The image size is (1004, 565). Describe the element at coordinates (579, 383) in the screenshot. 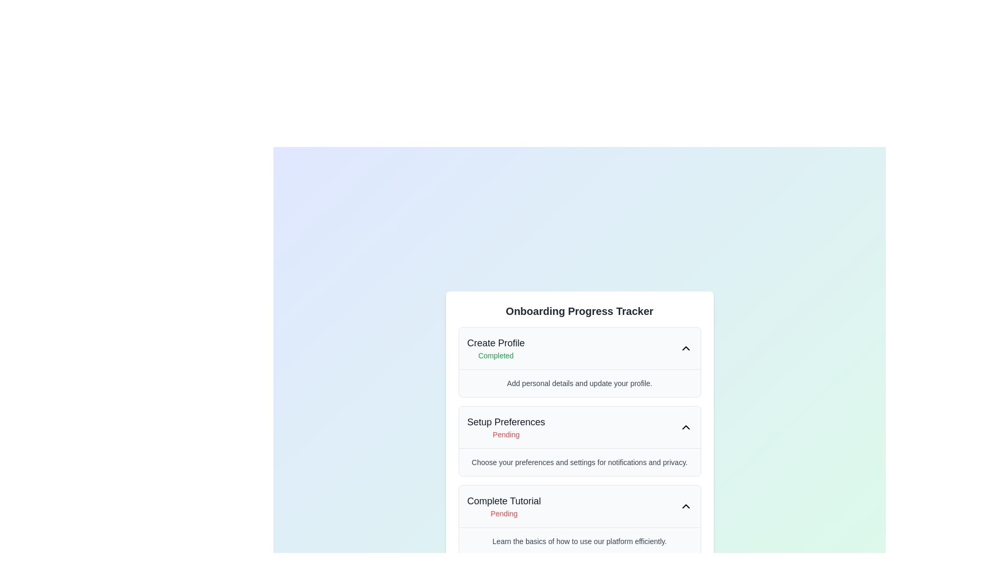

I see `the explanatory Text block located beneath the 'Create Profile' section in the 'Onboarding Progress Tracker' panel` at that location.